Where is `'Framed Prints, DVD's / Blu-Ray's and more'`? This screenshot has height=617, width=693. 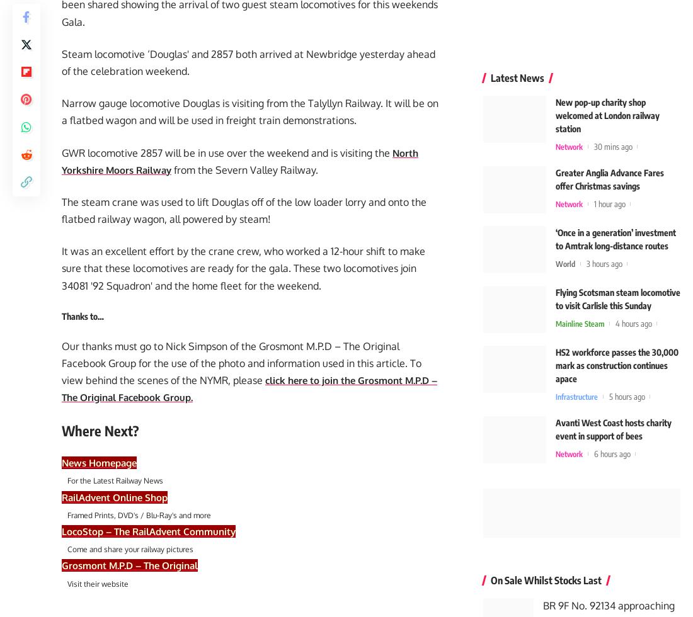
'Framed Prints, DVD's / Blu-Ray's and more' is located at coordinates (136, 518).